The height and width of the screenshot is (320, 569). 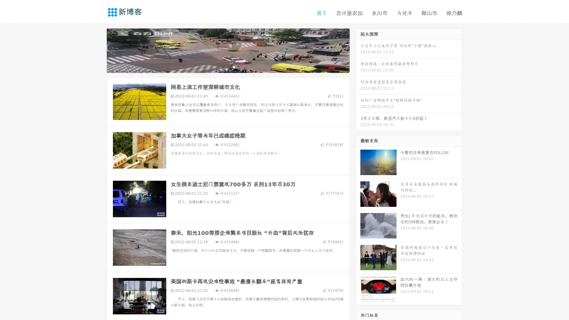 I want to click on Previous slide, so click(x=98, y=50).